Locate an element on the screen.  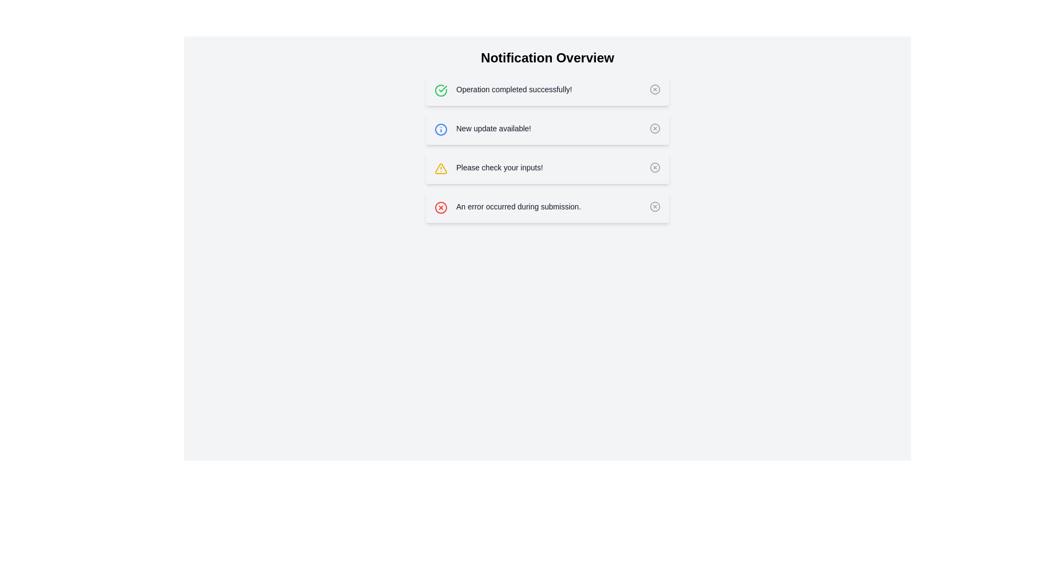
the circular icon with a green border and a green check mark, which indicates success, located at the leftmost side of the notification box labeled 'Operation completed successfully!' is located at coordinates (441, 90).